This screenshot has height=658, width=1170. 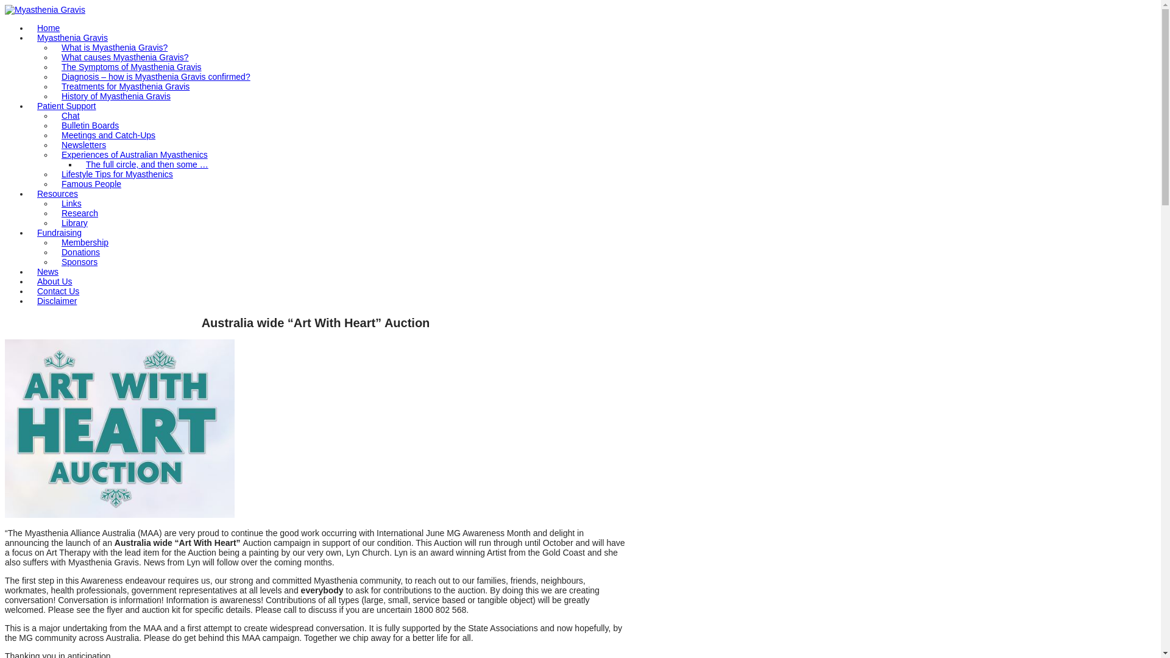 What do you see at coordinates (29, 281) in the screenshot?
I see `'About Us'` at bounding box center [29, 281].